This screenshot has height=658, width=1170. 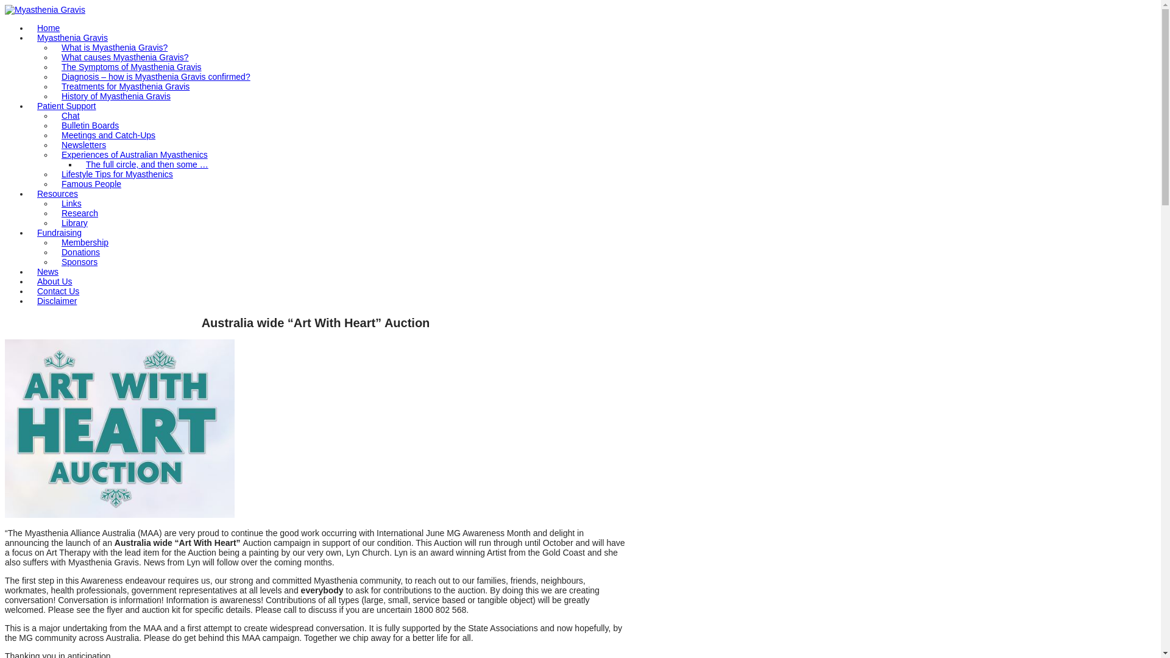 What do you see at coordinates (29, 281) in the screenshot?
I see `'About Us'` at bounding box center [29, 281].